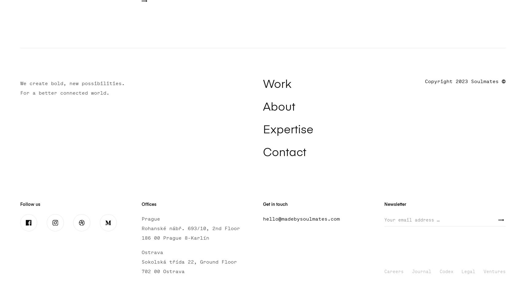 This screenshot has width=526, height=302. I want to click on 'Contact', so click(284, 153).